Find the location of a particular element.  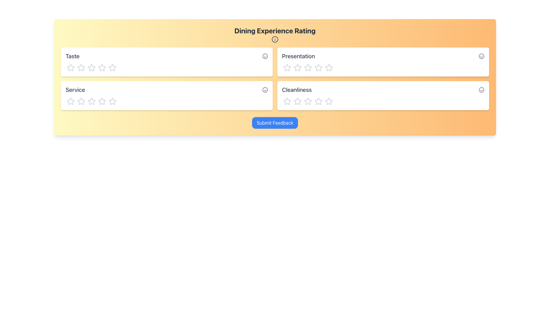

the second star in the horizontal group of five stars for the 'Taste' rating is located at coordinates (102, 67).